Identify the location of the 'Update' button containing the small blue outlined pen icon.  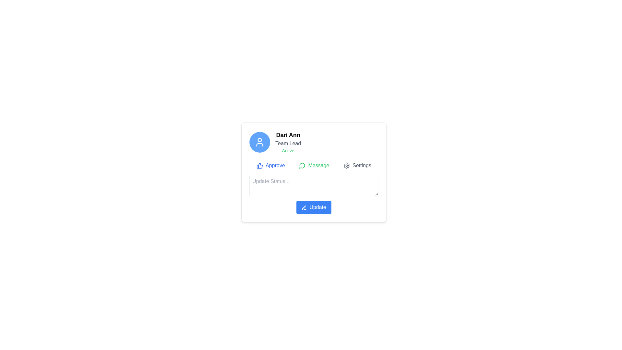
(304, 207).